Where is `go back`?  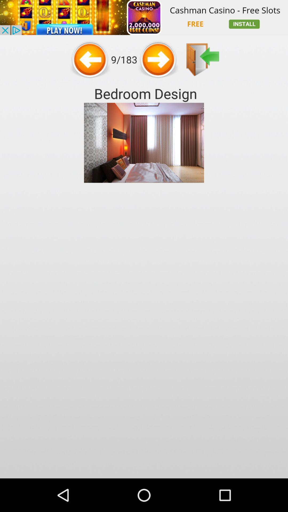
go back is located at coordinates (90, 59).